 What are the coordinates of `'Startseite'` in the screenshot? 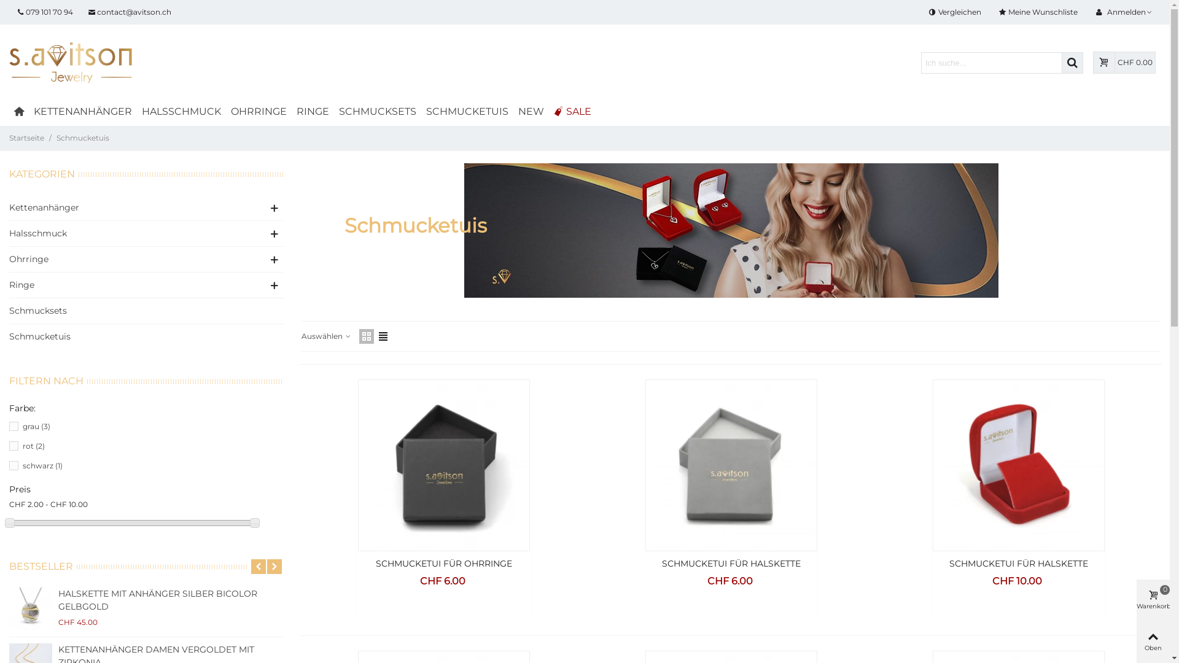 It's located at (9, 138).